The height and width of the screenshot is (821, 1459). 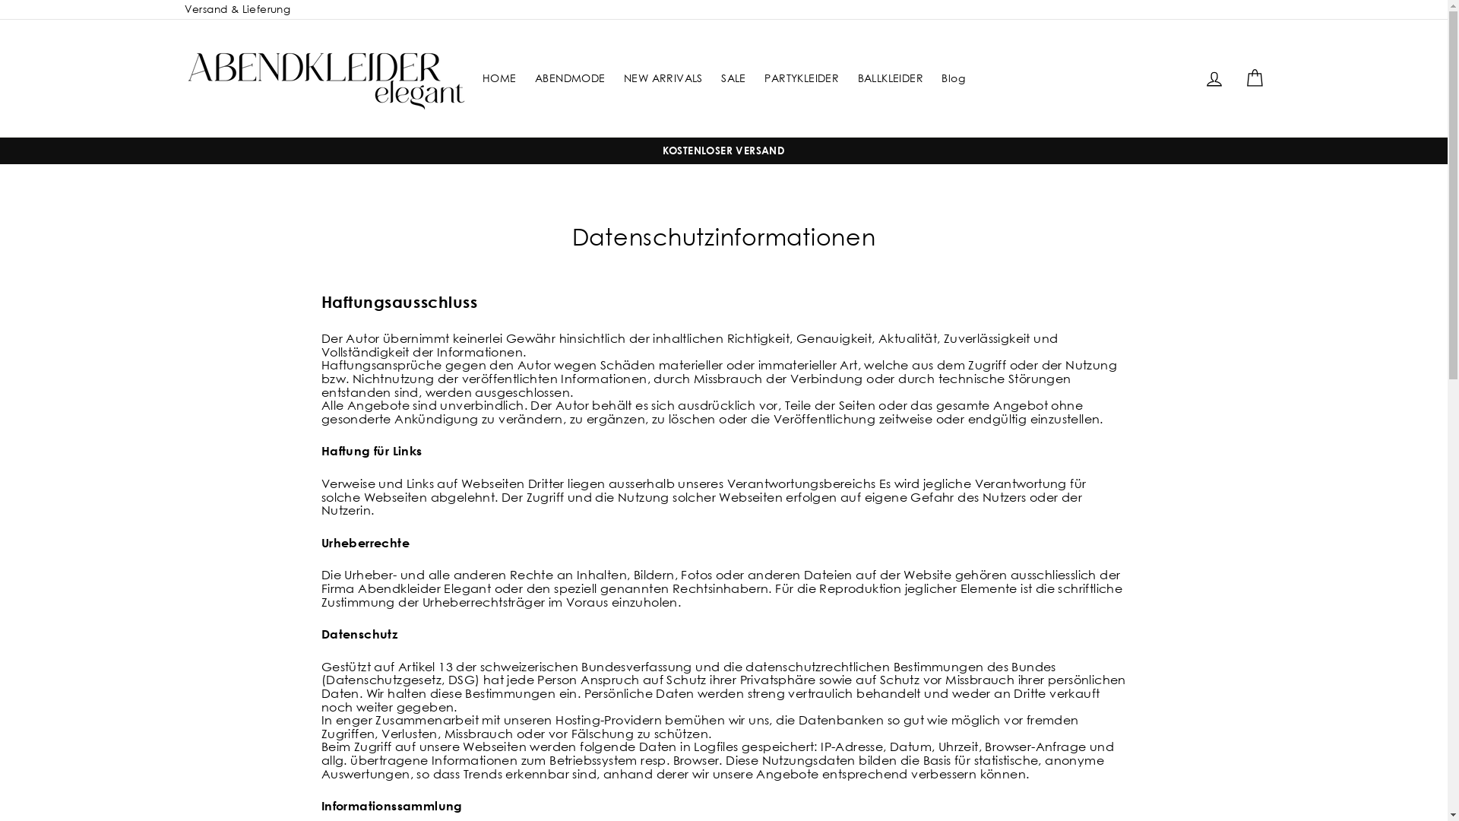 I want to click on 'Direkt zum Inhalt', so click(x=0, y=0).